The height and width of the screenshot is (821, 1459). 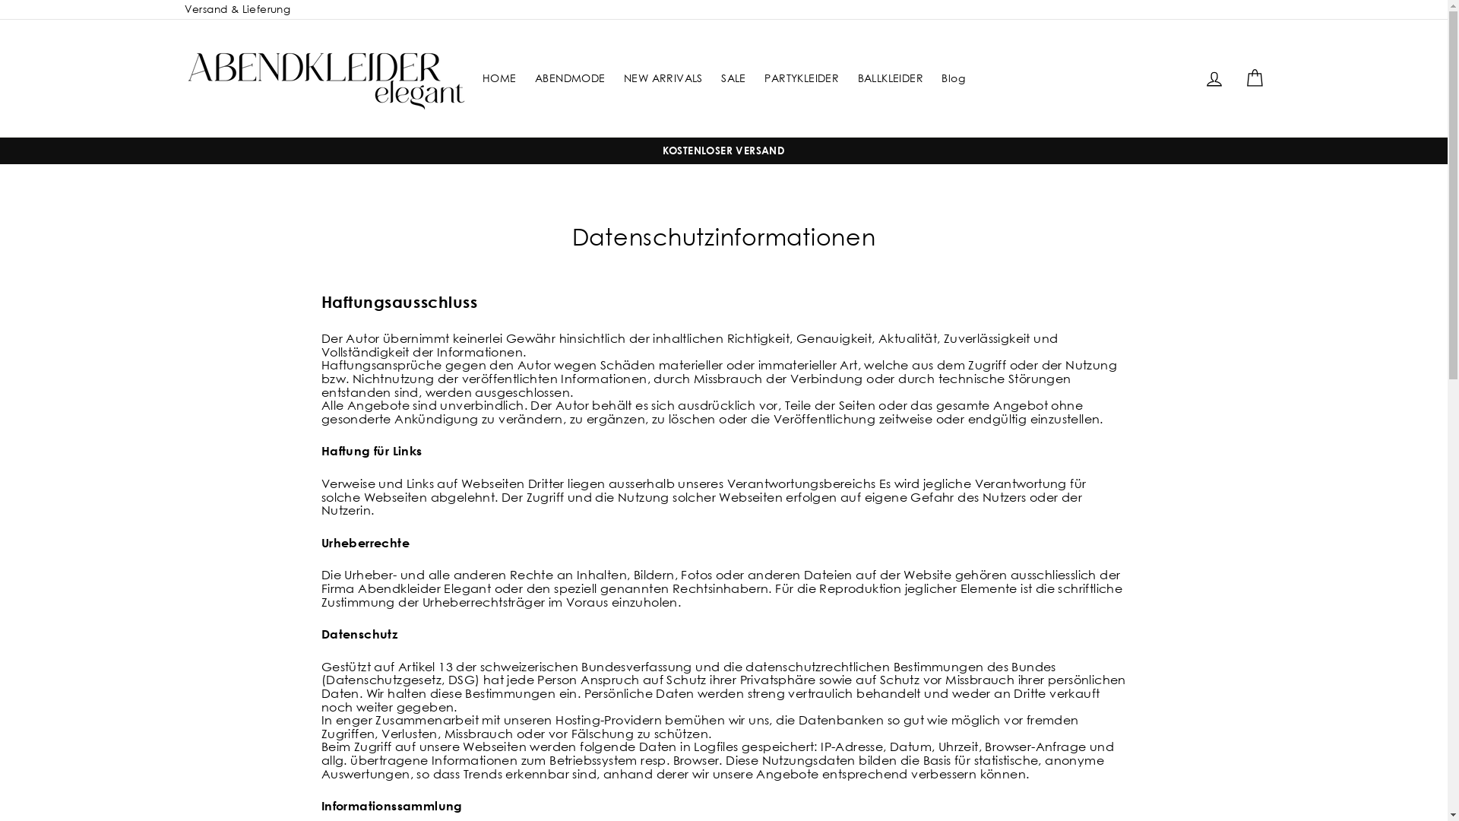 I want to click on 'Direkt zum Inhalt', so click(x=0, y=0).